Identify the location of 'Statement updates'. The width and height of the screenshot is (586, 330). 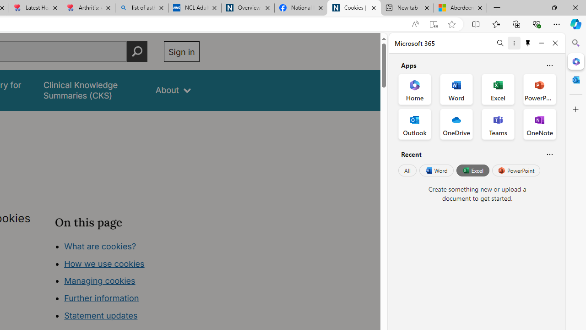
(101, 315).